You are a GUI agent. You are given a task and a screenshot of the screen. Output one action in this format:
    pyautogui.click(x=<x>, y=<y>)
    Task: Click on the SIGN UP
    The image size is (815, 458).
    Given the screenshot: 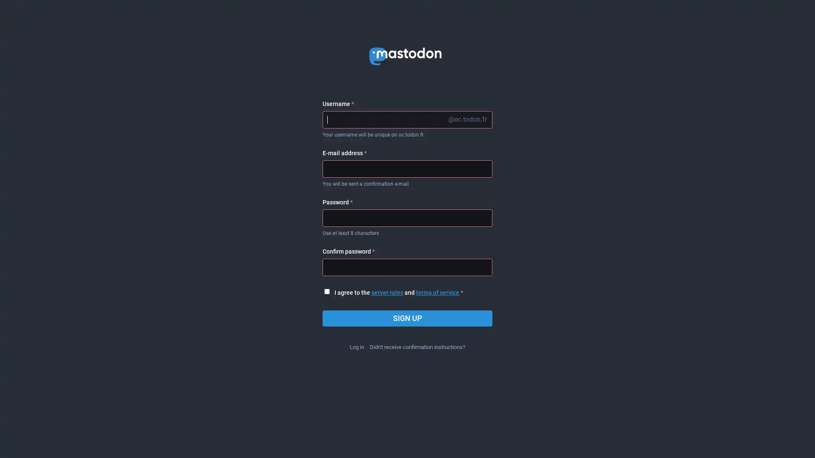 What is the action you would take?
    pyautogui.click(x=407, y=318)
    